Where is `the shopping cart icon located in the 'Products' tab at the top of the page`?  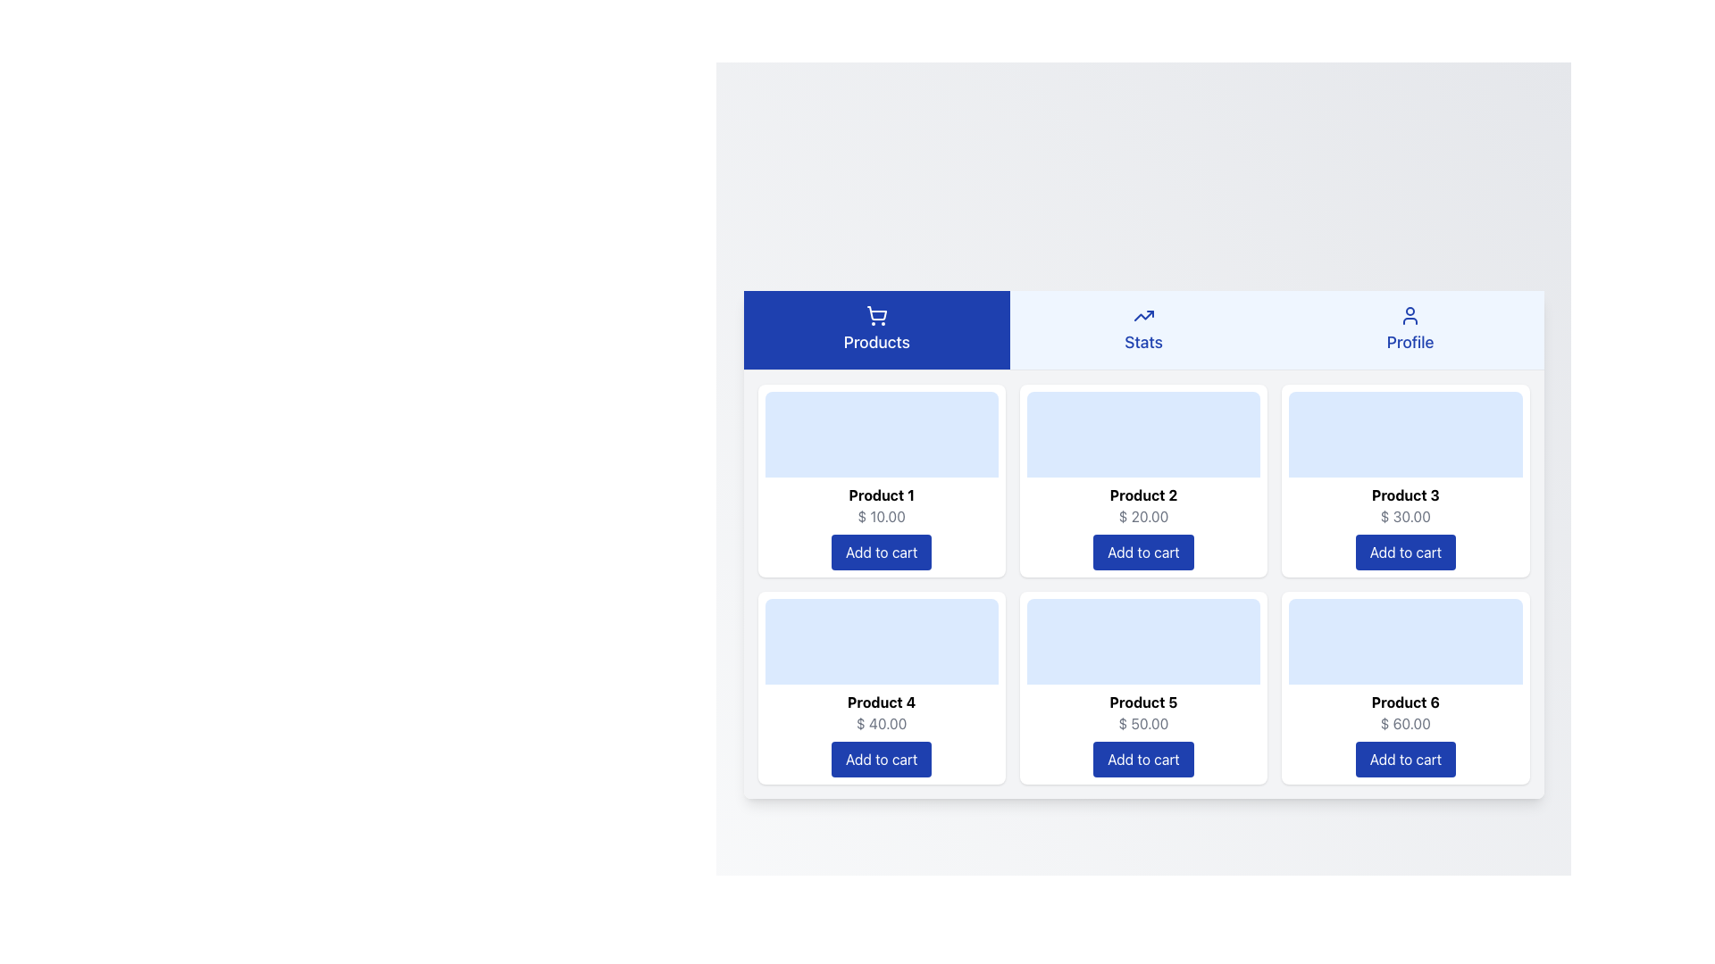
the shopping cart icon located in the 'Products' tab at the top of the page is located at coordinates (876, 312).